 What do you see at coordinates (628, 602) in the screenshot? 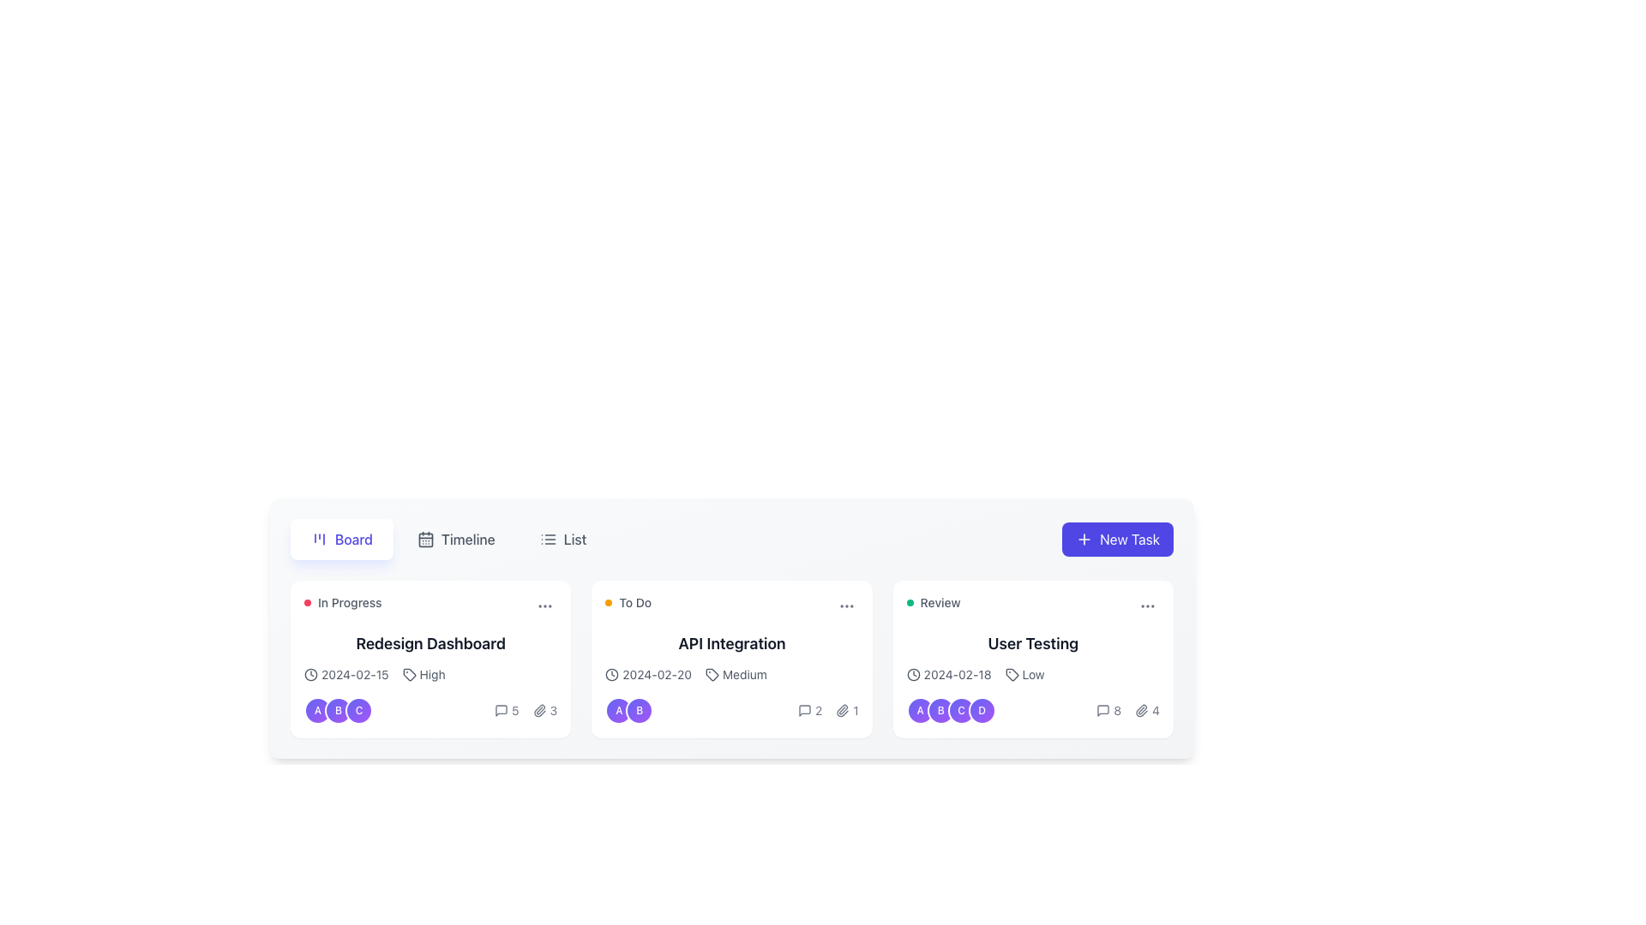
I see `the 'To Do' label, which is styled with medium font size and gray color, located at the top-left corner of the second task card, next to an amber circular status indicator` at bounding box center [628, 602].